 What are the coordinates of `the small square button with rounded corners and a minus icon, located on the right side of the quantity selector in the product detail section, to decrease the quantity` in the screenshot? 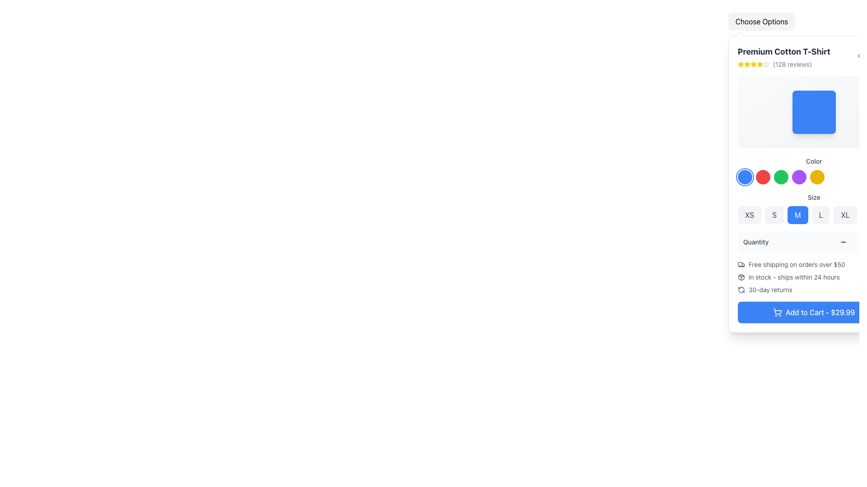 It's located at (843, 241).